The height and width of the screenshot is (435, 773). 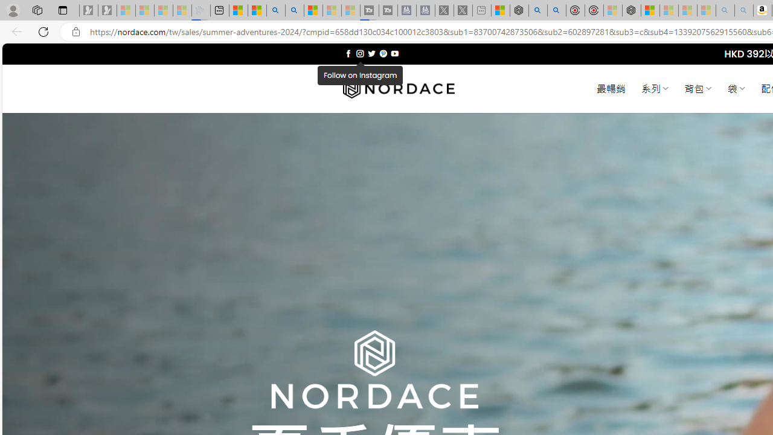 I want to click on 'poe - Search', so click(x=537, y=10).